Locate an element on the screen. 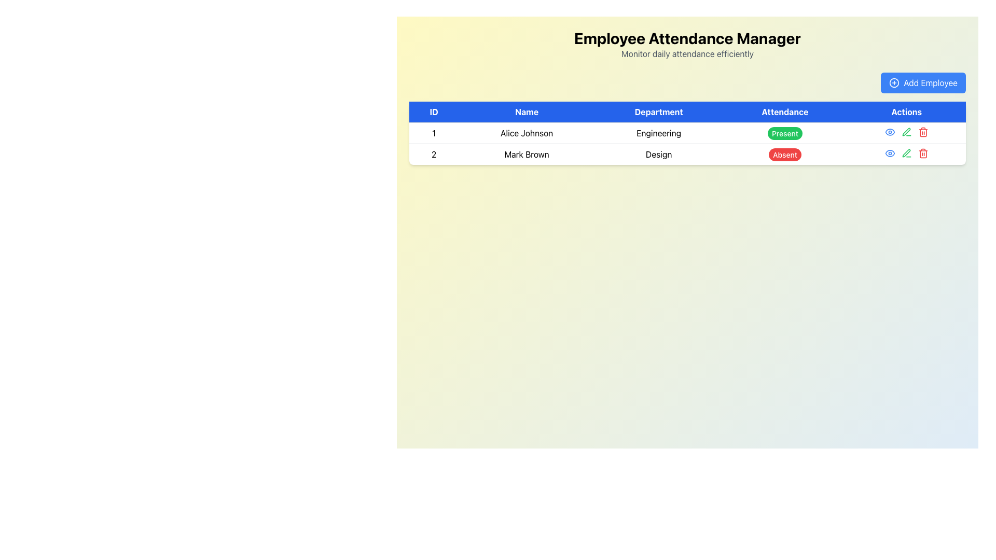 Image resolution: width=996 pixels, height=560 pixels. the green-colored pen icon in the 'Actions' column for the employee 'Mark Brown' to observe the color change effect is located at coordinates (906, 131).